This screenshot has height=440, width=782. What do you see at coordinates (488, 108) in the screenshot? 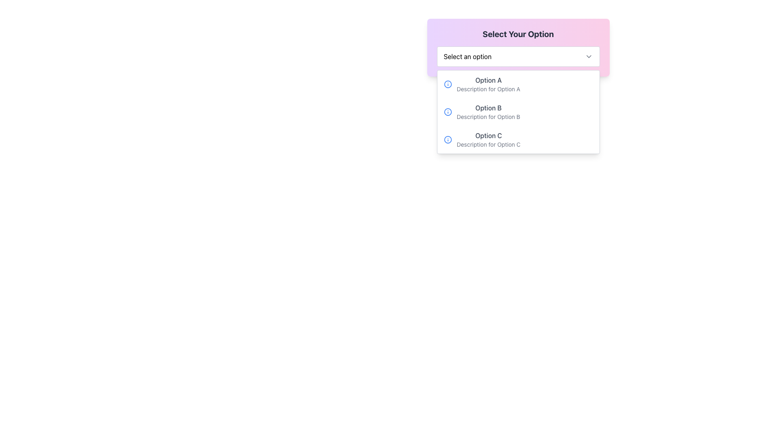
I see `label text representing 'Option B' in the dropdown menu under 'Select Your Option'` at bounding box center [488, 108].